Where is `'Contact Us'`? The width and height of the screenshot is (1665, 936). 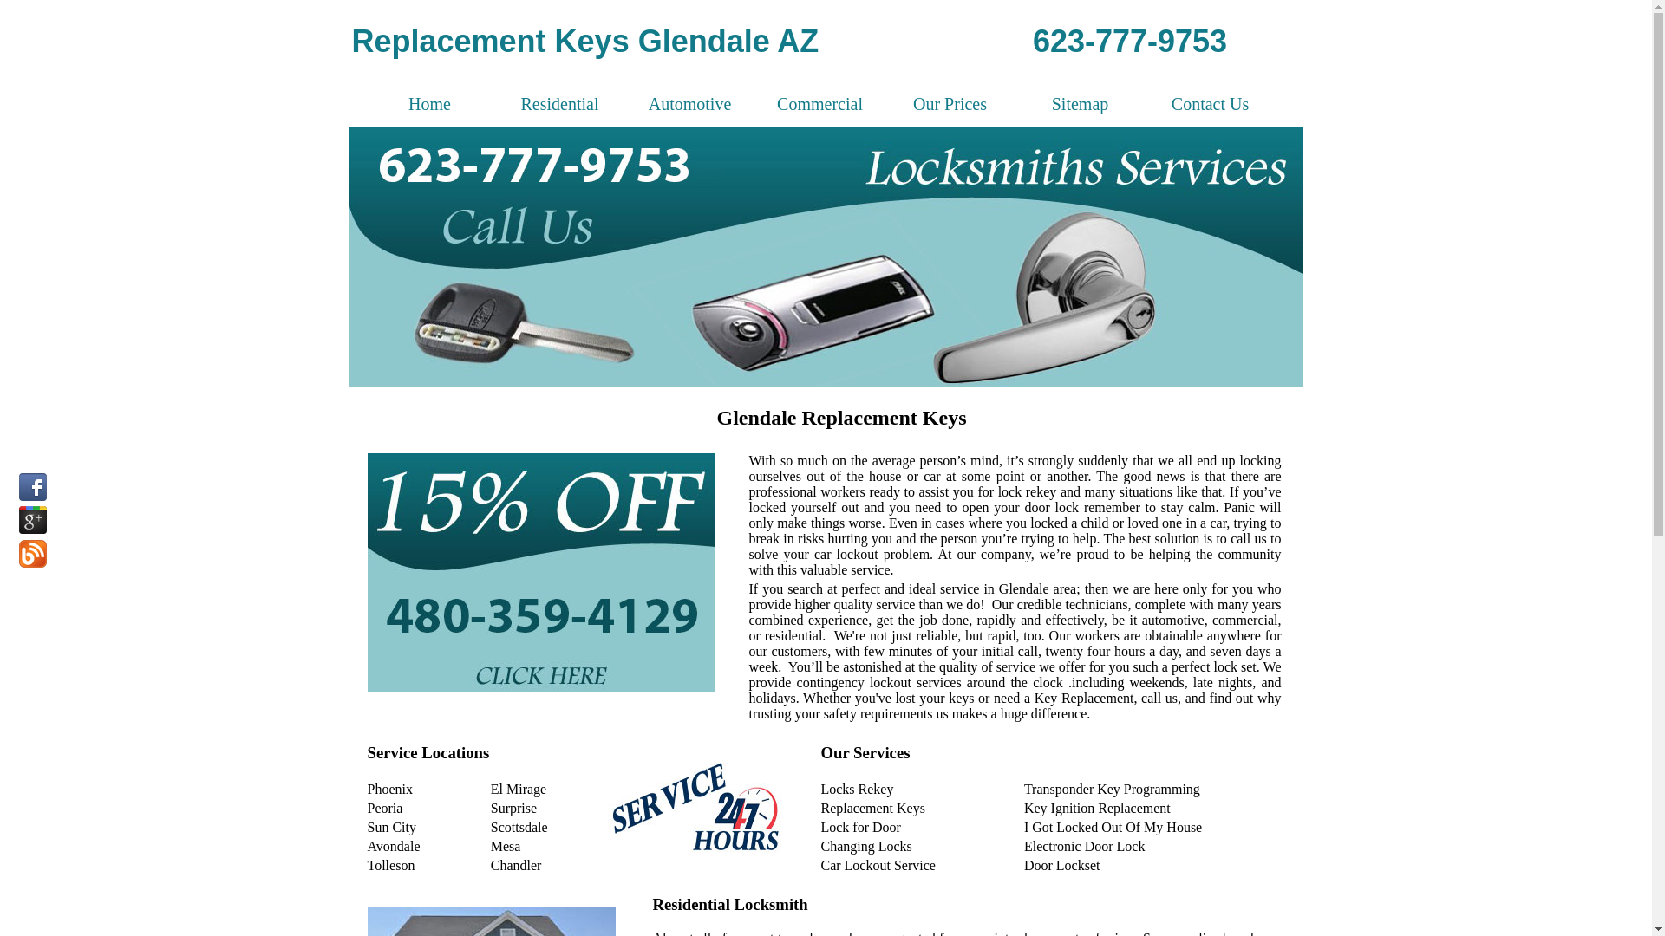 'Contact Us' is located at coordinates (1210, 104).